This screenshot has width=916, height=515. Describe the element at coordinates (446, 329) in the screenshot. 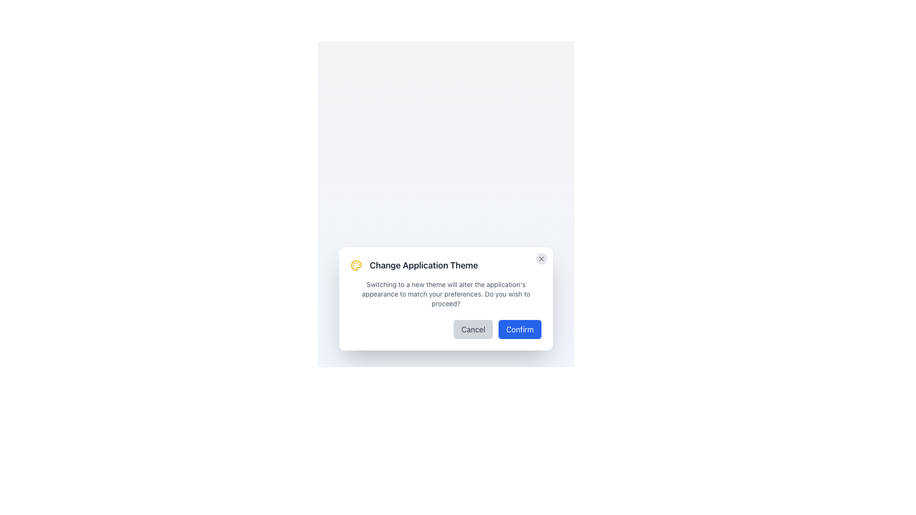

I see `the 'Cancel' button in the Button Group at the bottom of the 'Change Application Theme' modal to abort the action` at that location.